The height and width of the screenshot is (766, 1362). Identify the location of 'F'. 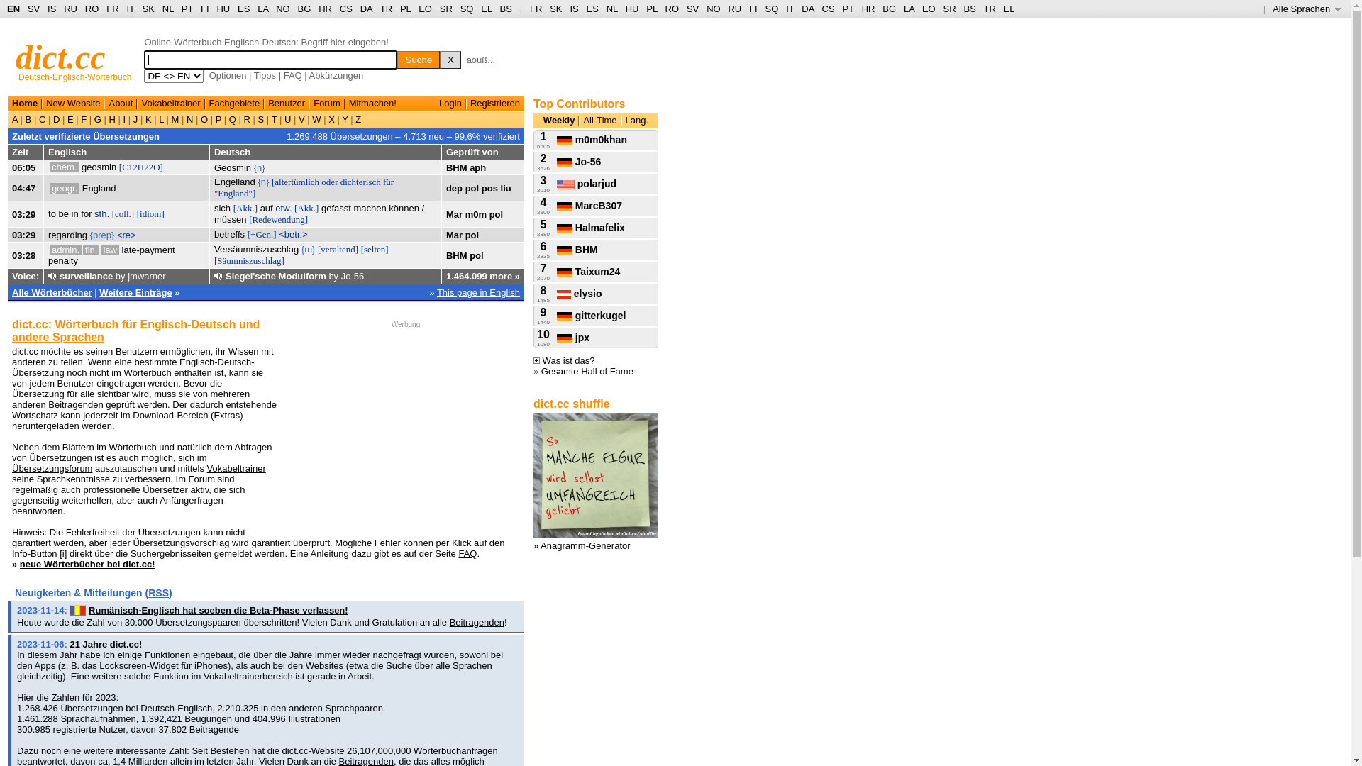
(83, 118).